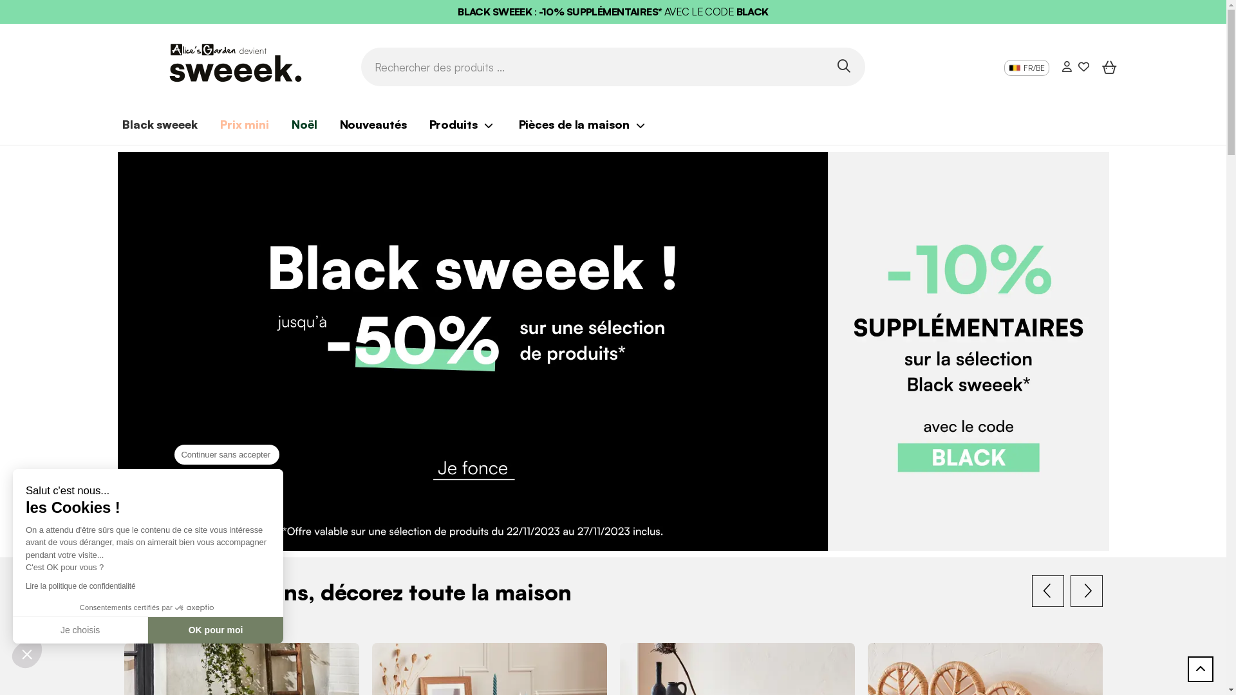  What do you see at coordinates (216, 629) in the screenshot?
I see `'OK pour moi'` at bounding box center [216, 629].